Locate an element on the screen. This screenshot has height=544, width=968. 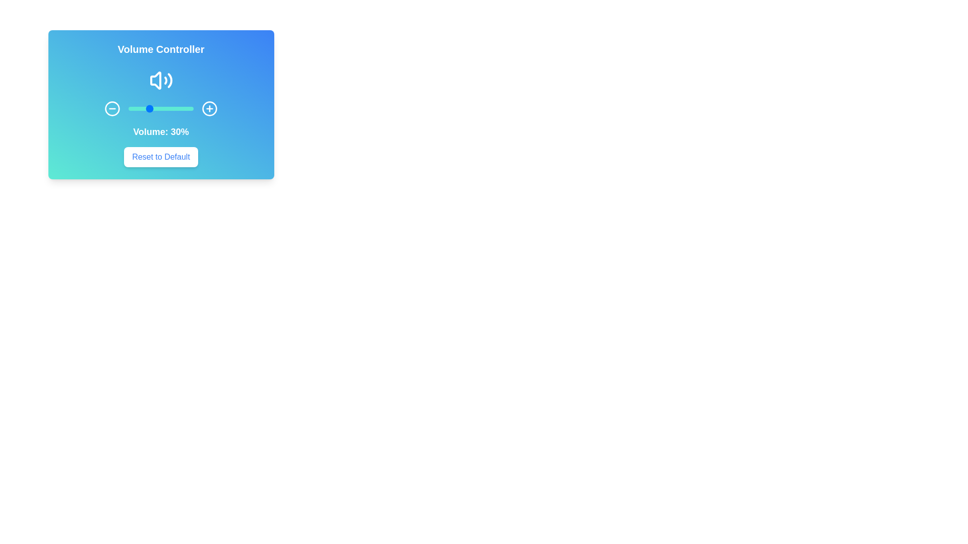
the volume slider to 94% is located at coordinates (190, 109).